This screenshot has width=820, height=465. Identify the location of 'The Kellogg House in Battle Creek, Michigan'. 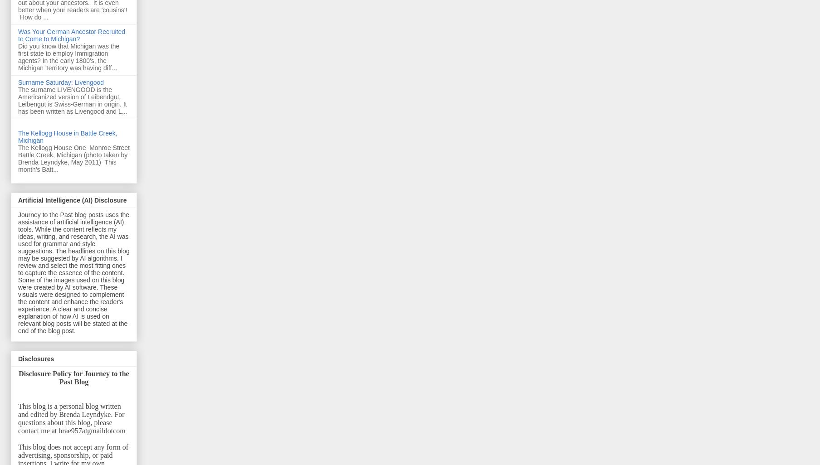
(67, 136).